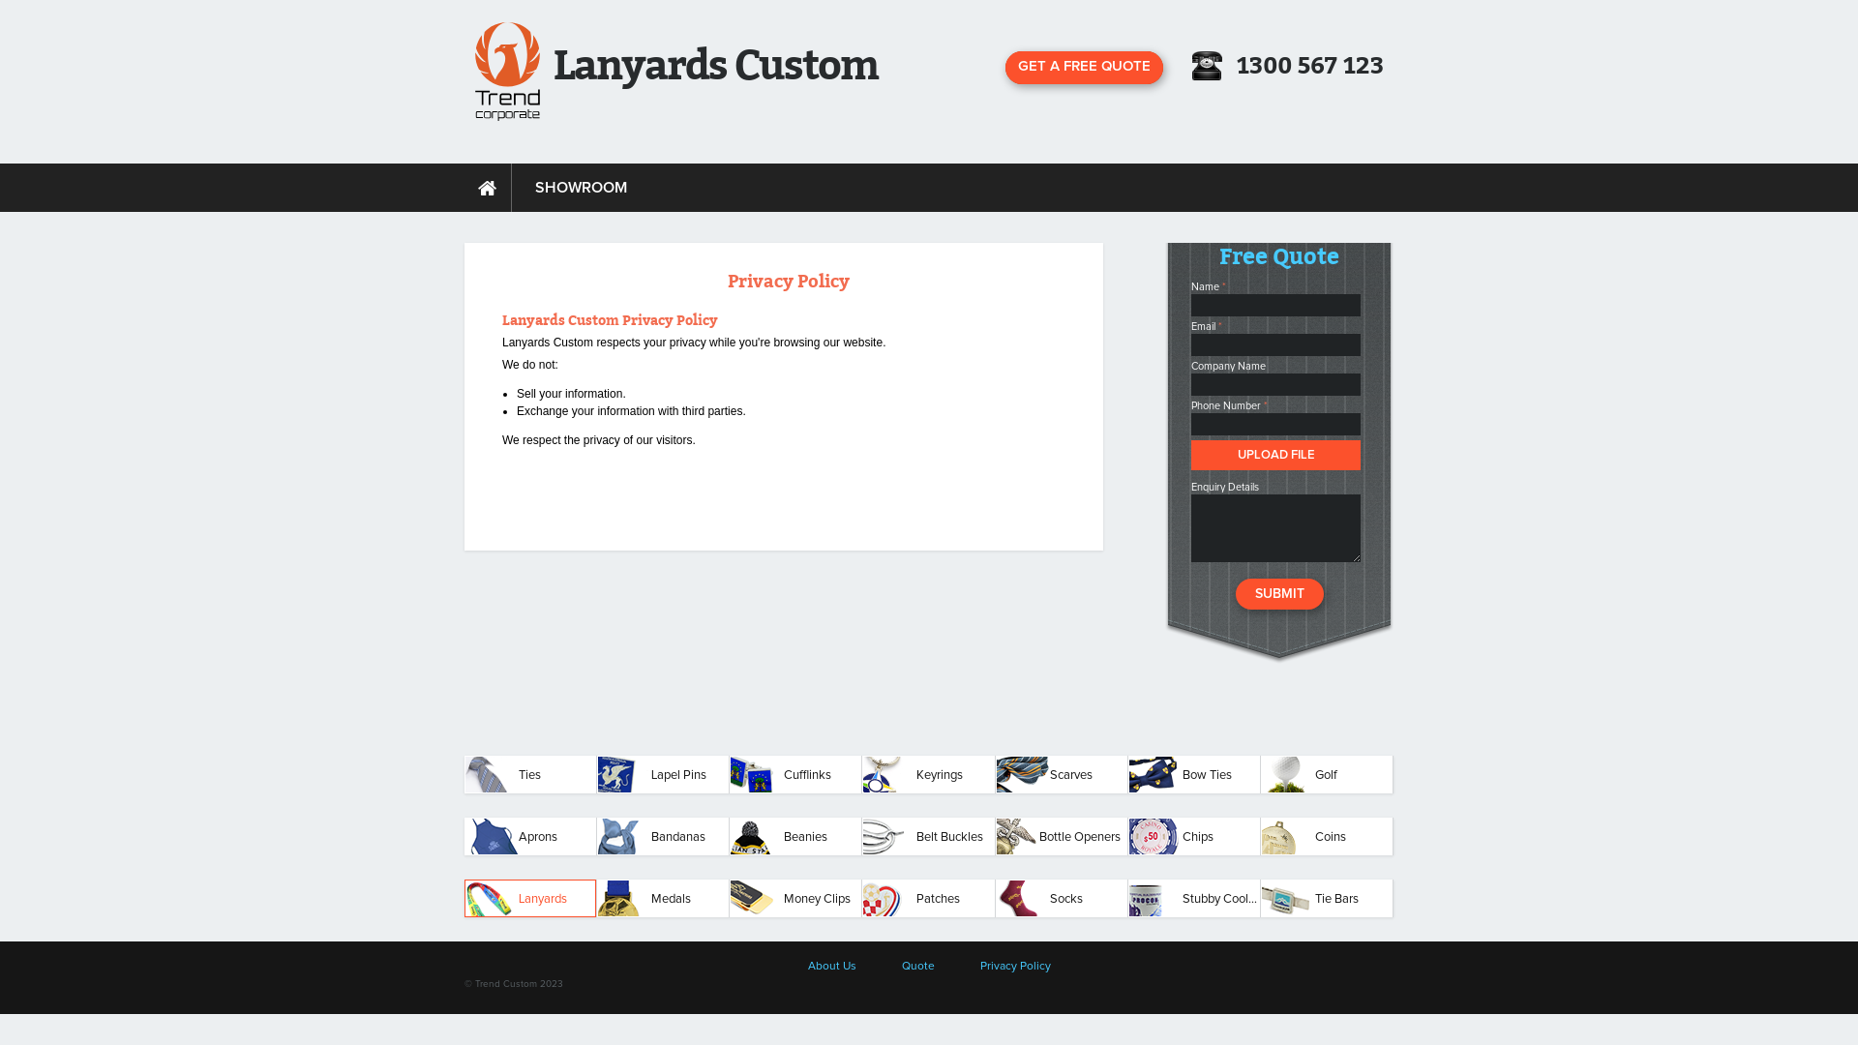 The height and width of the screenshot is (1045, 1858). What do you see at coordinates (529, 898) in the screenshot?
I see `'Lanyards'` at bounding box center [529, 898].